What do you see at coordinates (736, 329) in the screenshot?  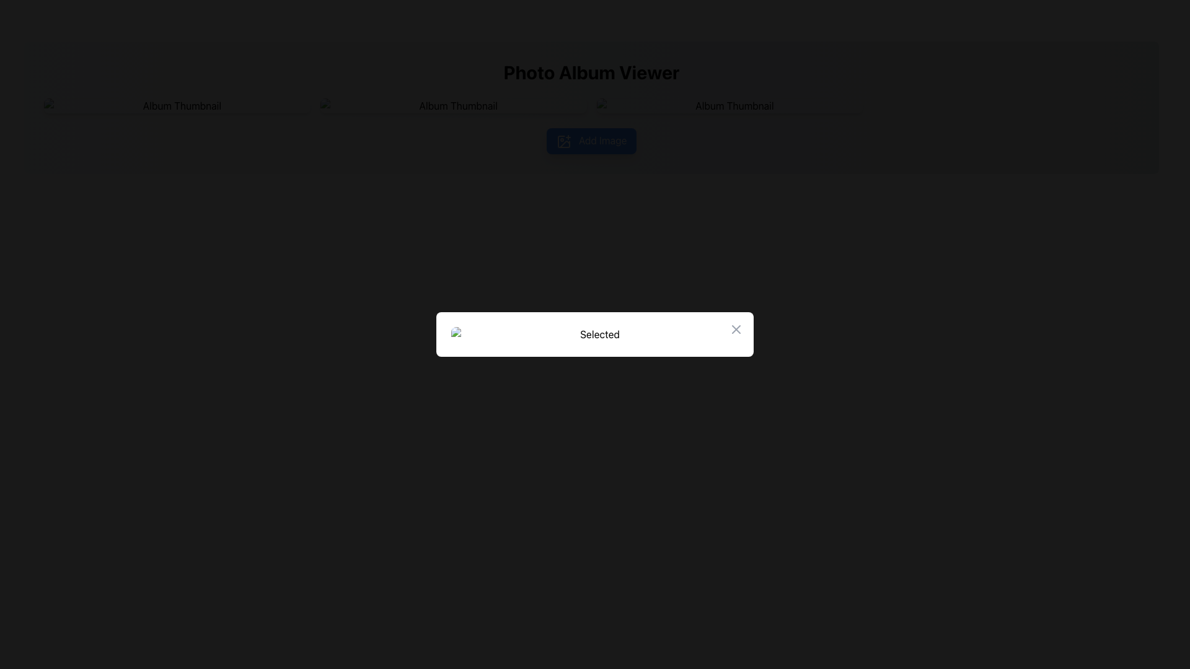 I see `the close button represented by an SVG icon in the shape of an 'X' located in the top-right corner of the modal's toolbar` at bounding box center [736, 329].